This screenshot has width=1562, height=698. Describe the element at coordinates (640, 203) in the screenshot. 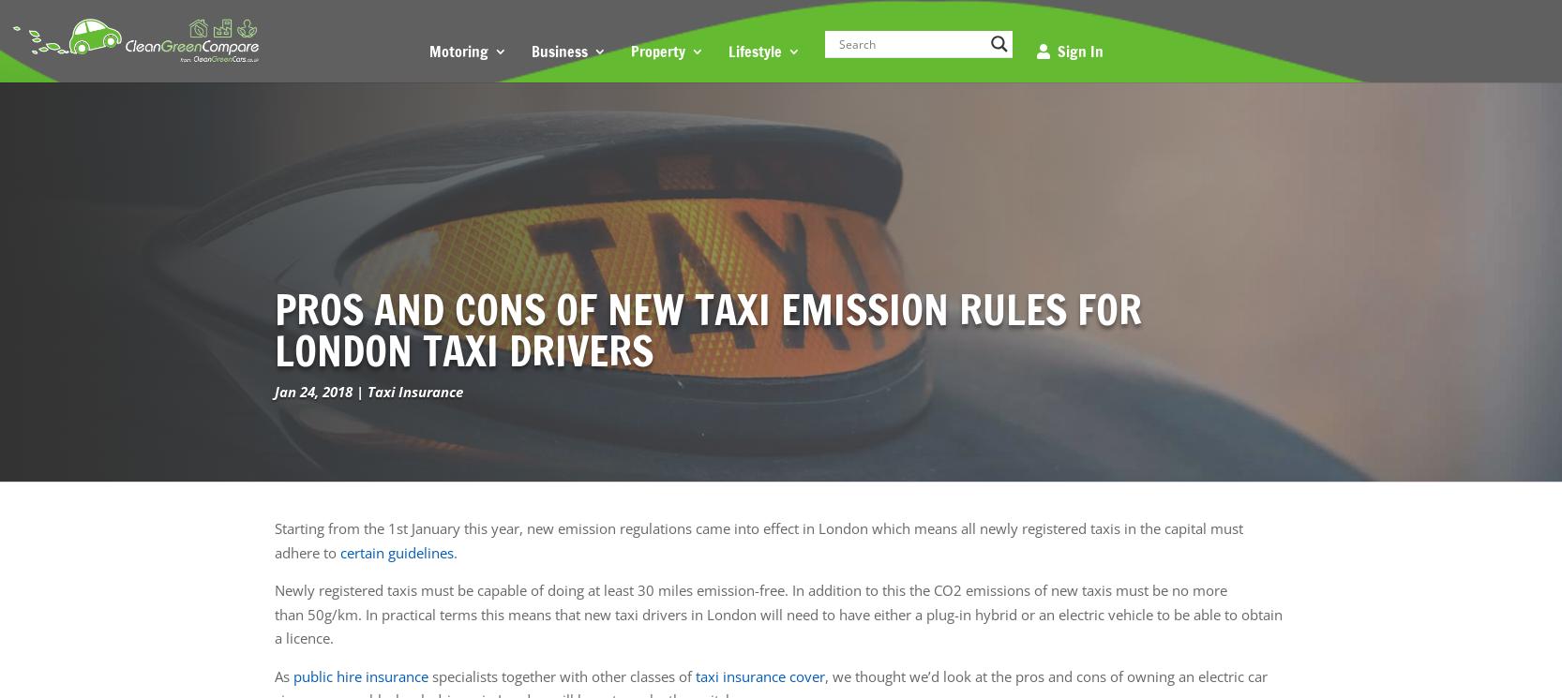

I see `'Employers Liability Insurance'` at that location.